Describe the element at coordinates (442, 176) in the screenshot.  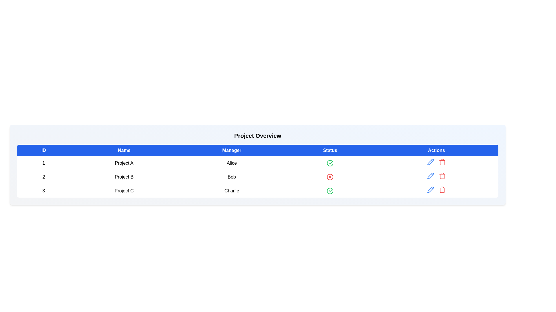
I see `the delete button located` at that location.